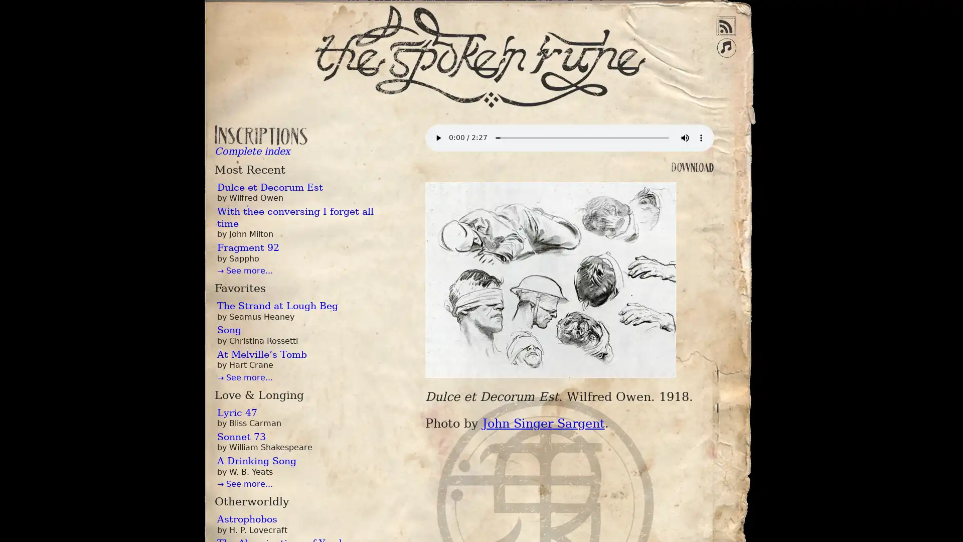 Image resolution: width=963 pixels, height=542 pixels. What do you see at coordinates (700, 138) in the screenshot?
I see `show more media controls` at bounding box center [700, 138].